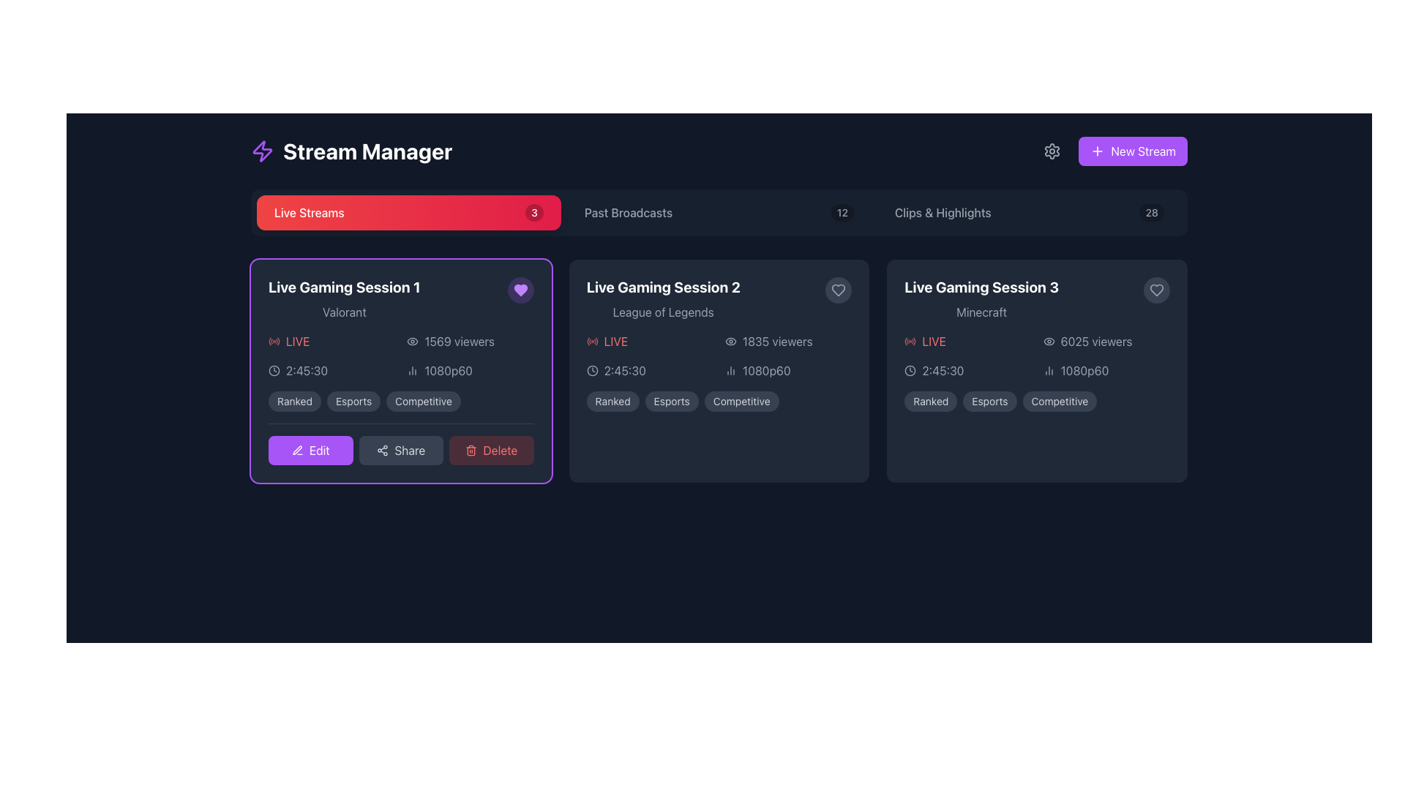 The height and width of the screenshot is (790, 1405). I want to click on live stream information from the grid layout element below the titles 'Live Gaming Session 1' and 'Valorant', and above the tags 'Ranked', 'Esports', 'Competitive', so click(401, 355).